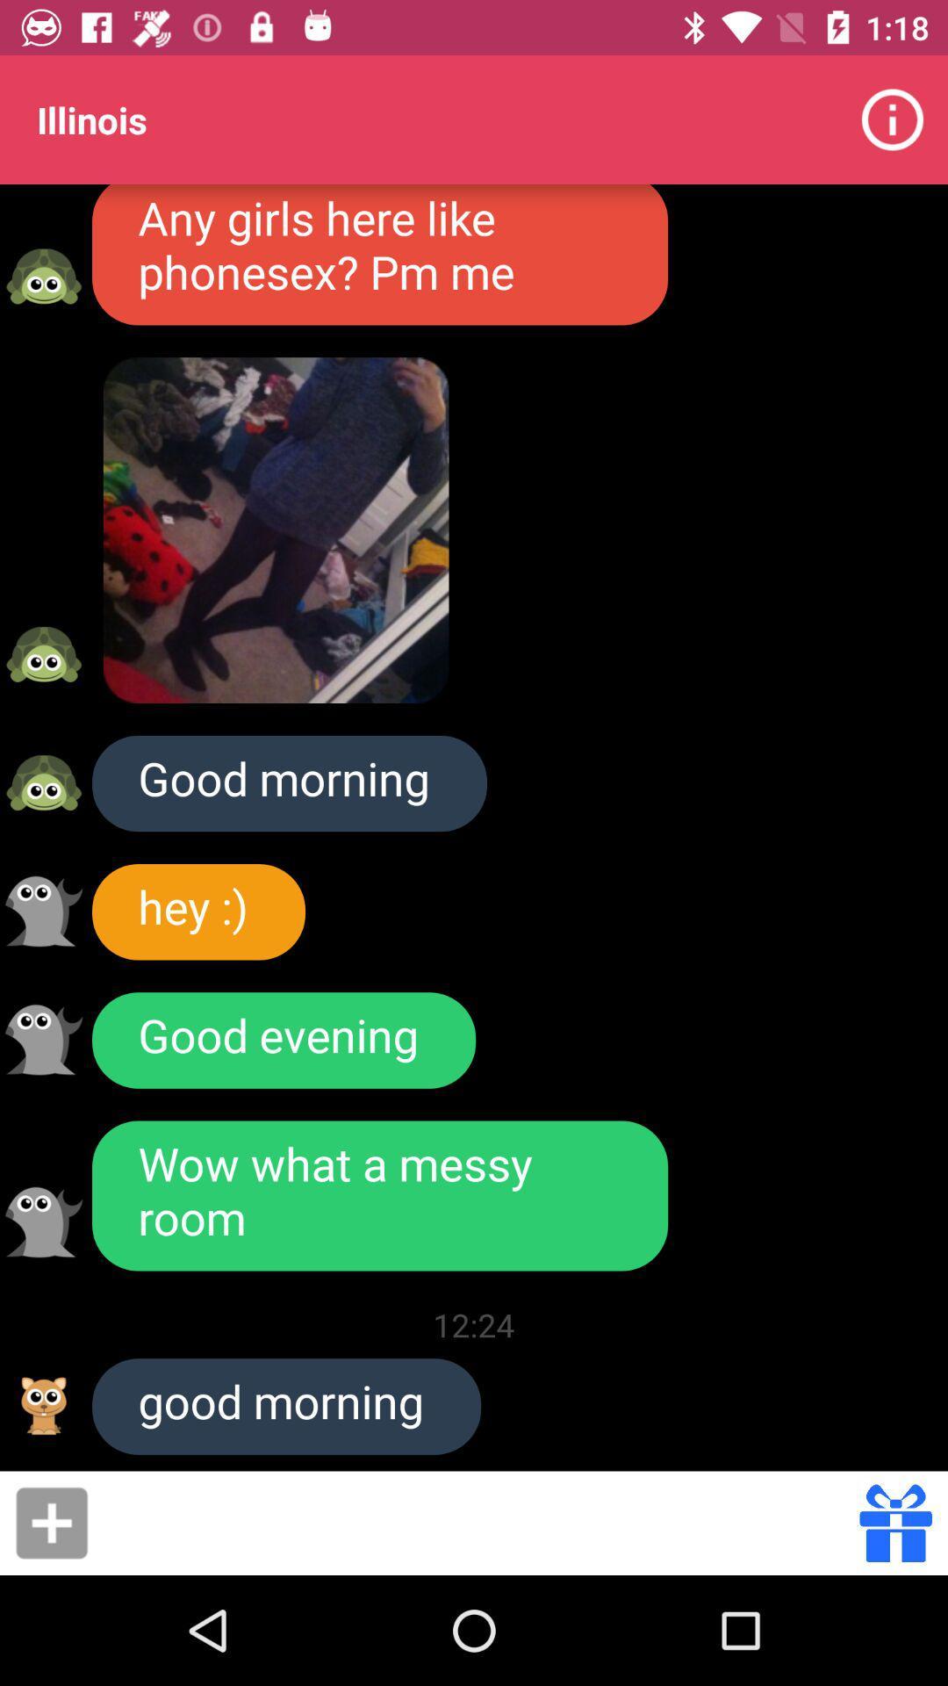 The height and width of the screenshot is (1686, 948). I want to click on icon to the right of the any girls here icon, so click(893, 119).